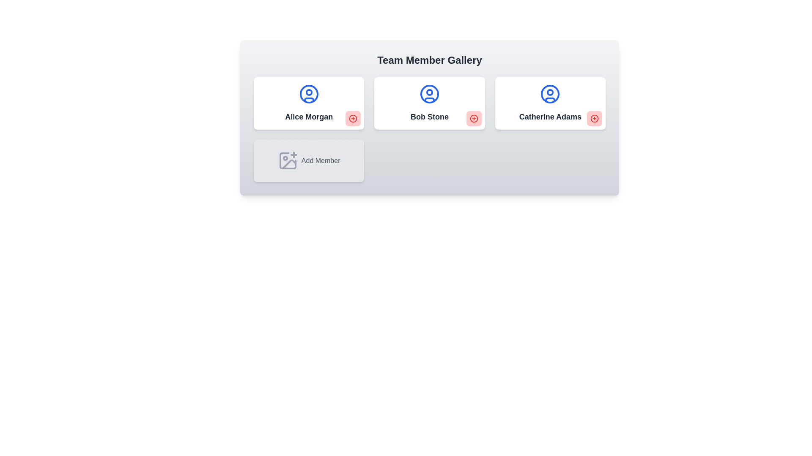 Image resolution: width=812 pixels, height=456 pixels. I want to click on the central circular SVG element styled in red, part of the icon associated with the 'Catherine Adams' card, indicating a delete action, so click(594, 119).